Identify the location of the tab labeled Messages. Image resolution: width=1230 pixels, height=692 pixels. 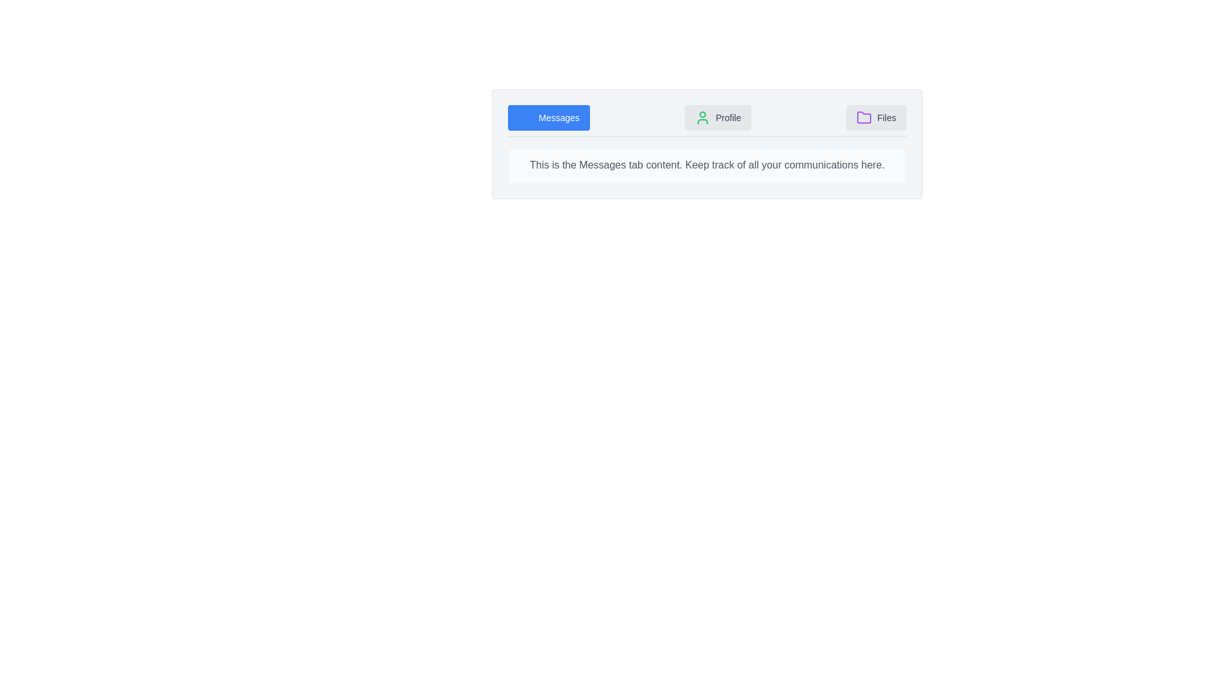
(548, 118).